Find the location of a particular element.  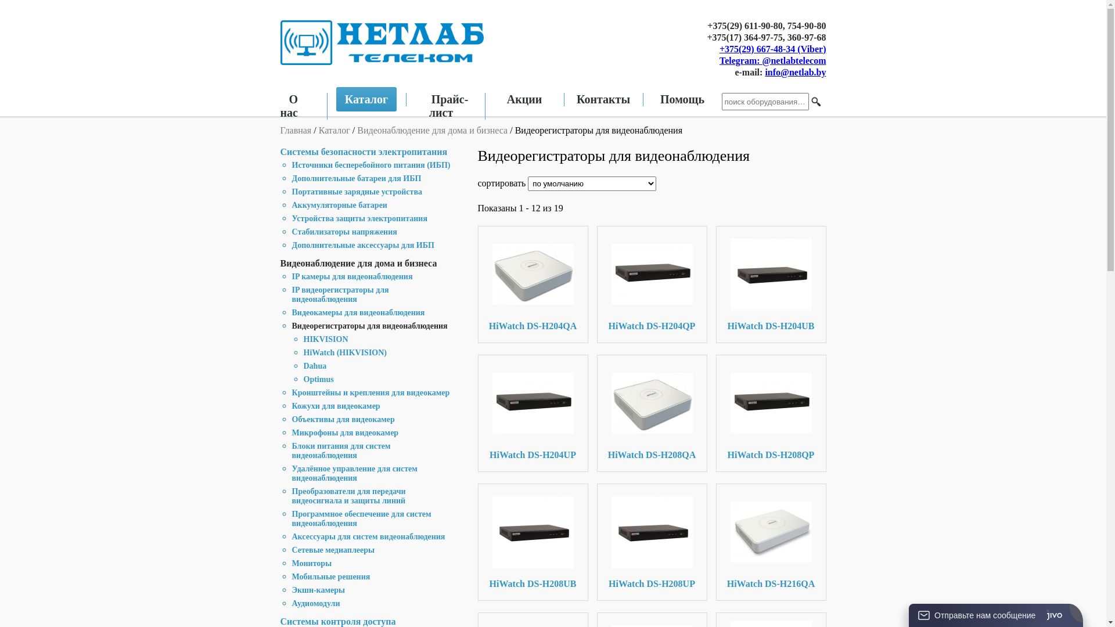

'+375(29) 667-48-34 (Viber)' is located at coordinates (718, 48).